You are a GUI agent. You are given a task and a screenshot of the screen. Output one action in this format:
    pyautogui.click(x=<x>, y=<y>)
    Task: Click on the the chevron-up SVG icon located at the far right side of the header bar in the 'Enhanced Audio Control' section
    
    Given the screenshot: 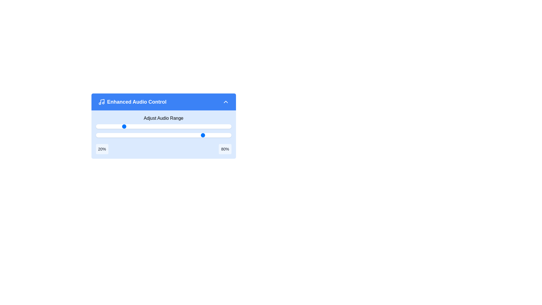 What is the action you would take?
    pyautogui.click(x=225, y=102)
    